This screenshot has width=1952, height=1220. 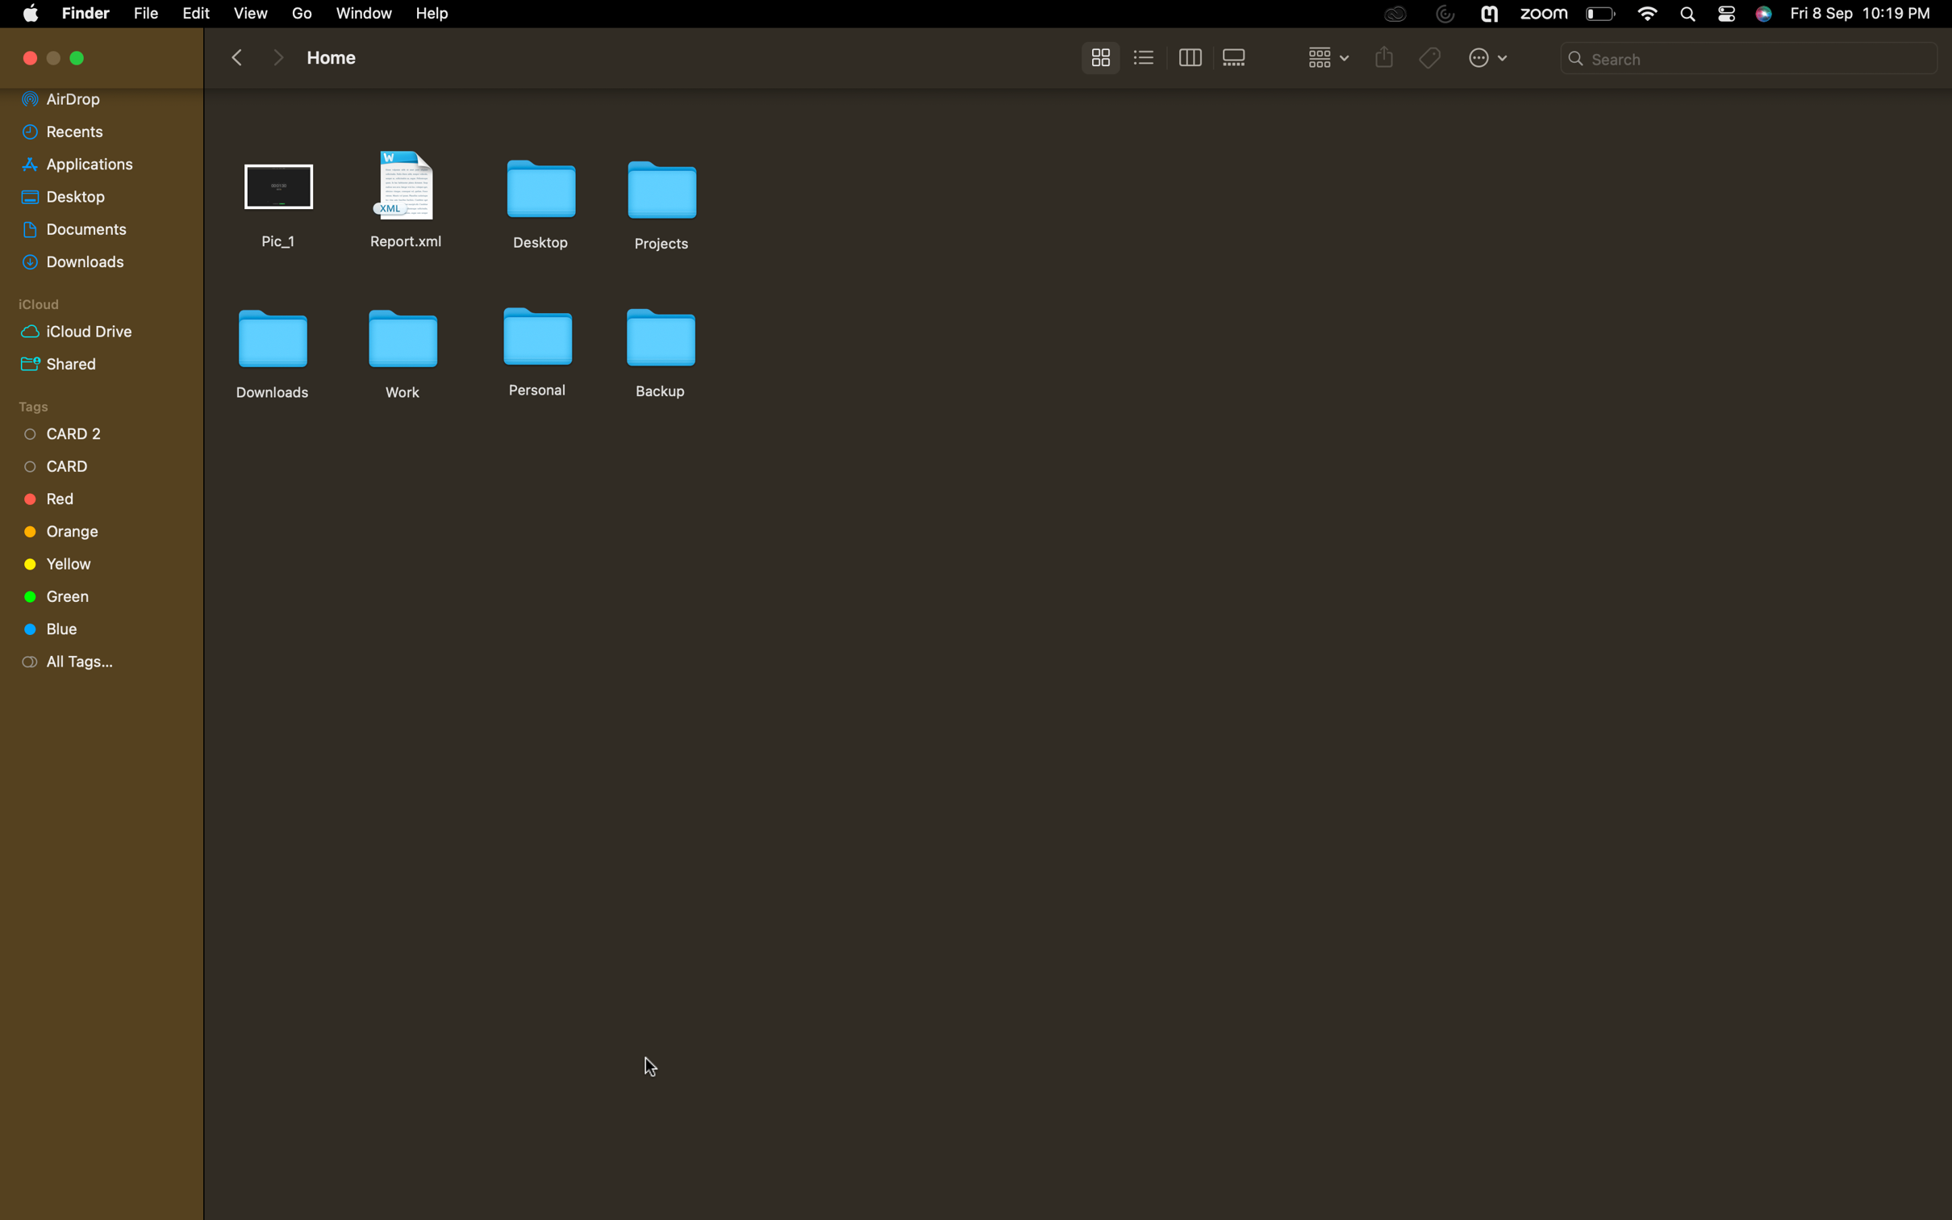 What do you see at coordinates (95, 163) in the screenshot?
I see `"applications" directory and navigate to the bottom of the folder` at bounding box center [95, 163].